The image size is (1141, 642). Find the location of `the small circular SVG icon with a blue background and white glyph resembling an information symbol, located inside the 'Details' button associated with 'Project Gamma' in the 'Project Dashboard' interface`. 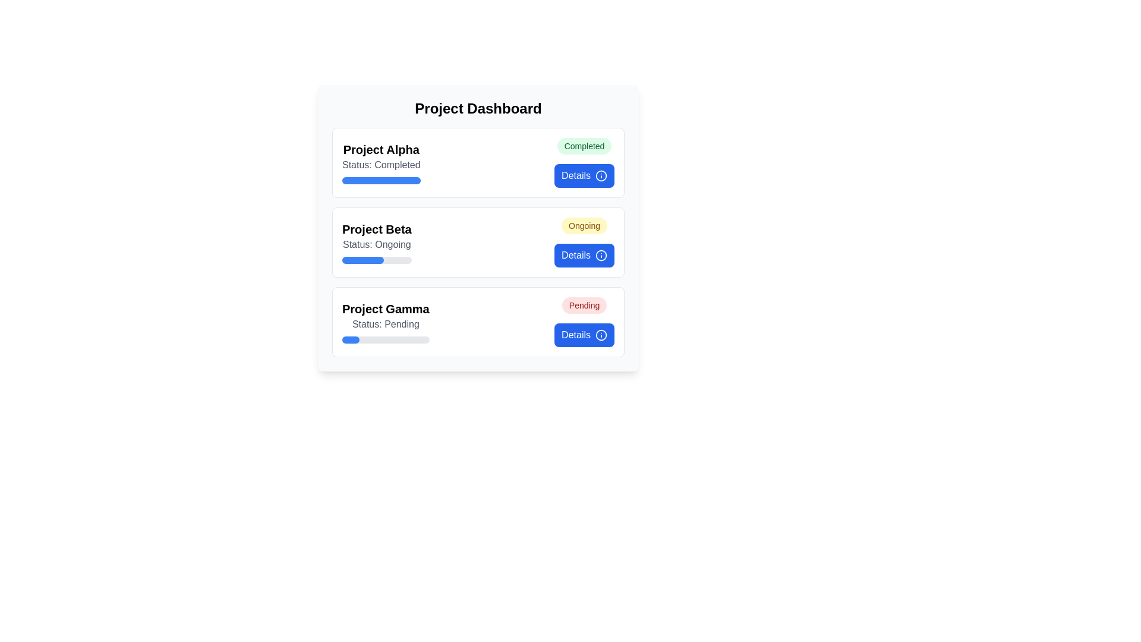

the small circular SVG icon with a blue background and white glyph resembling an information symbol, located inside the 'Details' button associated with 'Project Gamma' in the 'Project Dashboard' interface is located at coordinates (601, 335).